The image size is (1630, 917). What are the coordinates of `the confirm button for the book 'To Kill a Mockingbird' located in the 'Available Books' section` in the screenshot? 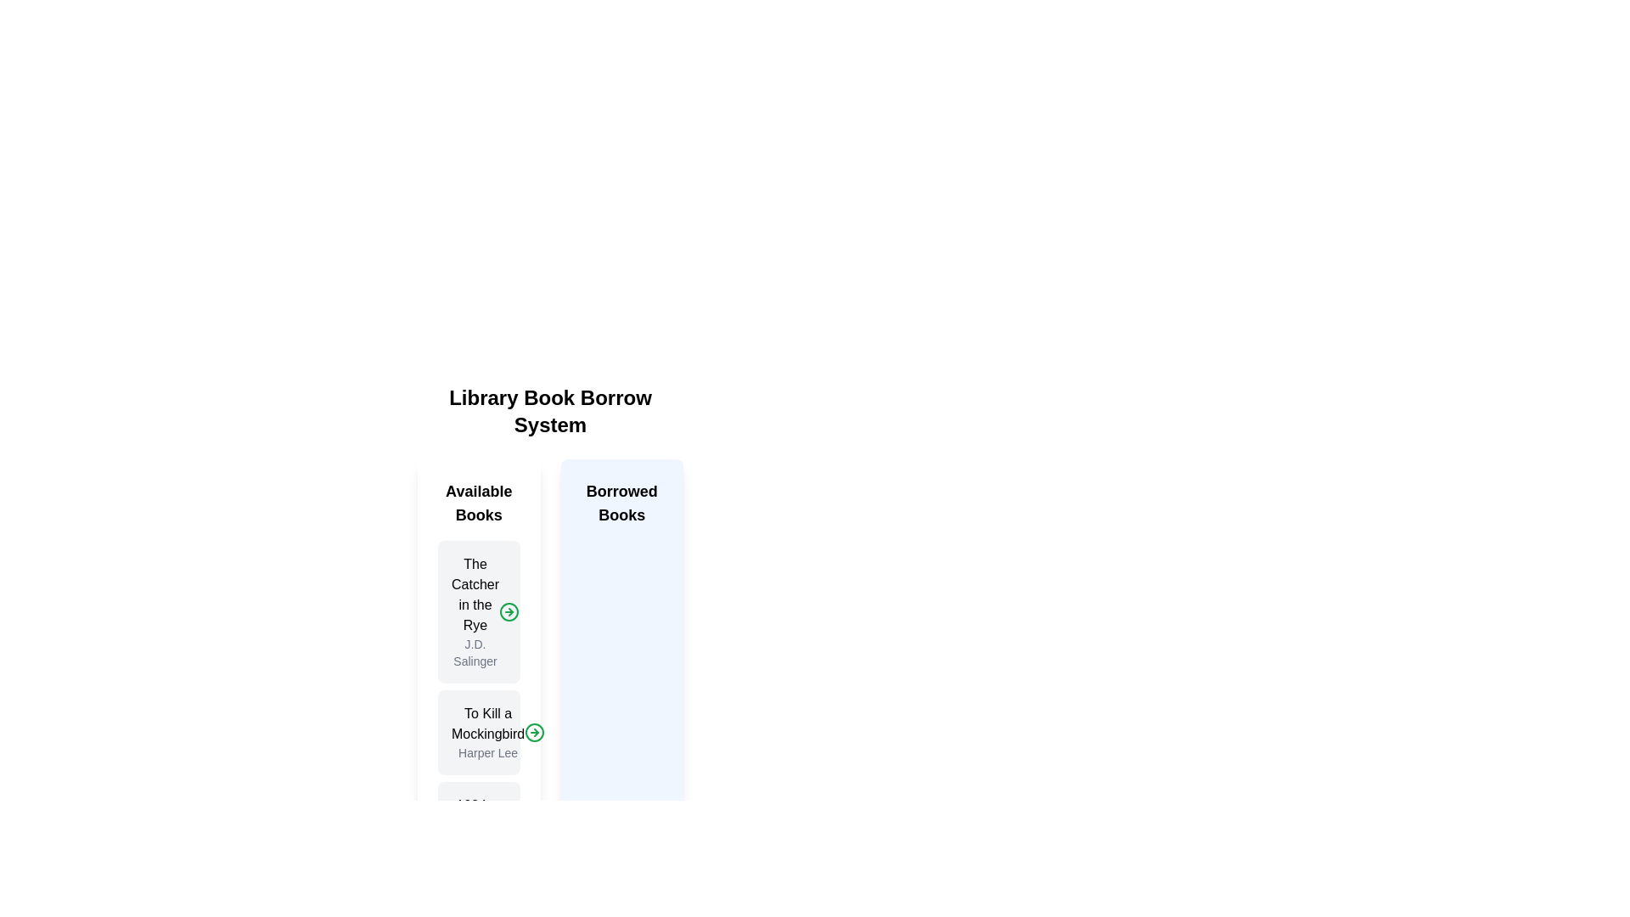 It's located at (534, 732).